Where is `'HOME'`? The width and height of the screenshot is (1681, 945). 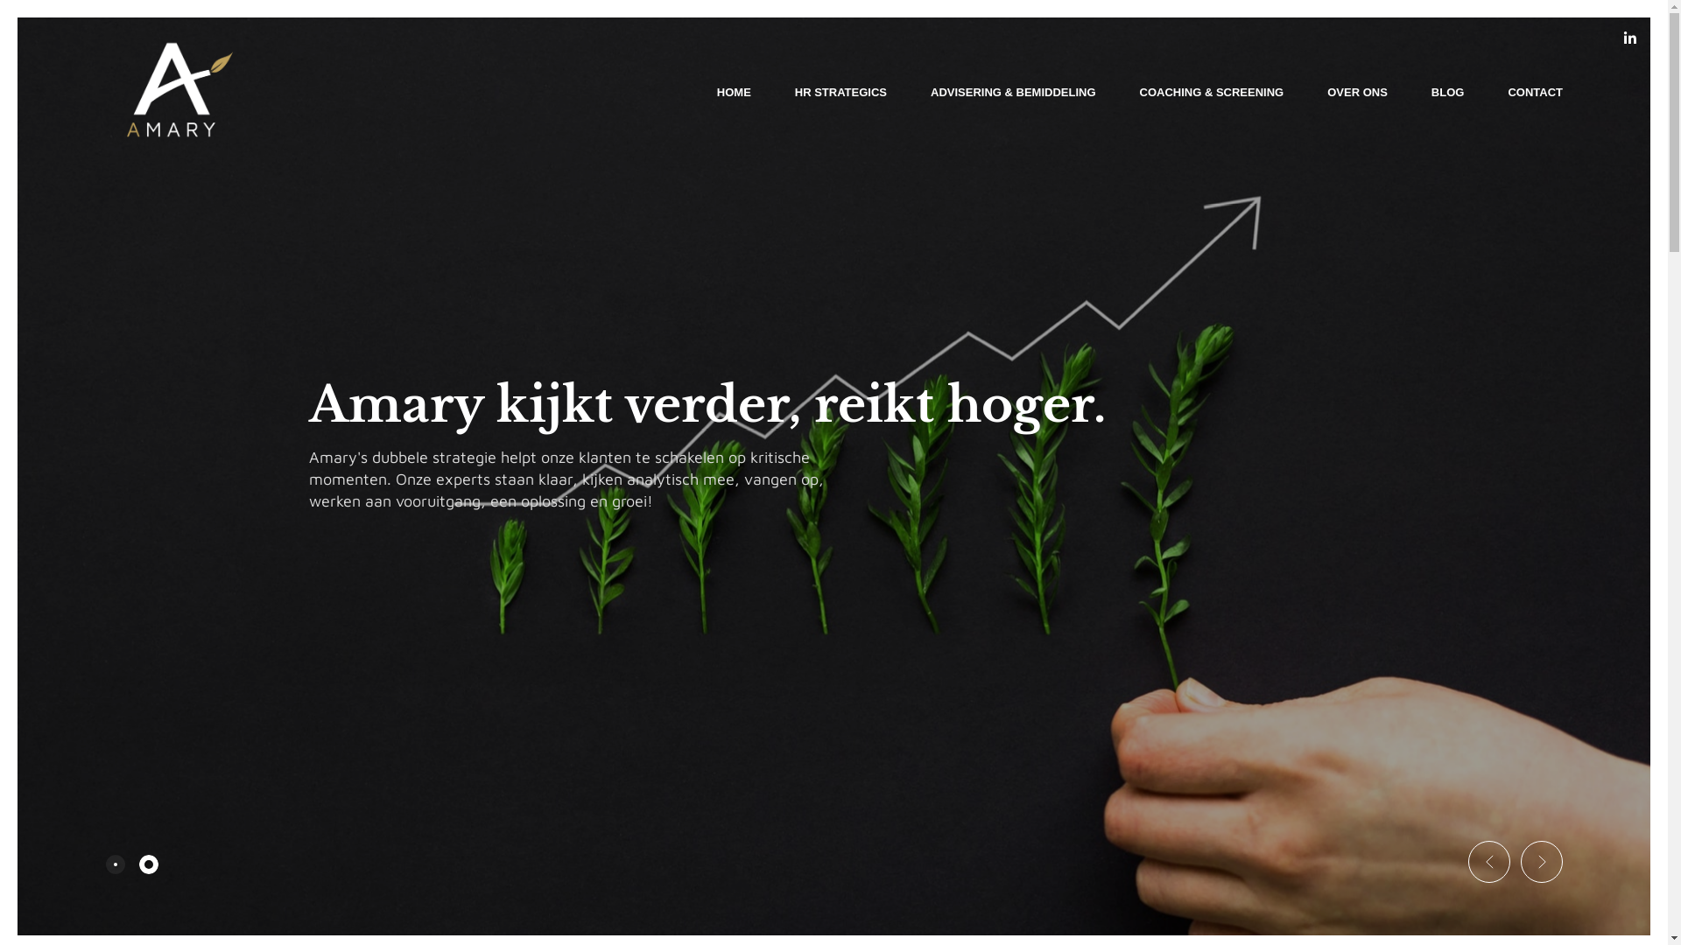 'HOME' is located at coordinates (734, 92).